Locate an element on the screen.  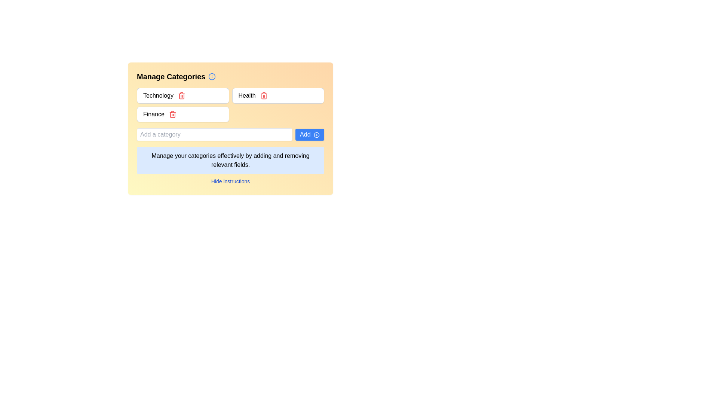
the icon located to the right of the 'Add' button in the lower section of the form interface is located at coordinates (316, 134).